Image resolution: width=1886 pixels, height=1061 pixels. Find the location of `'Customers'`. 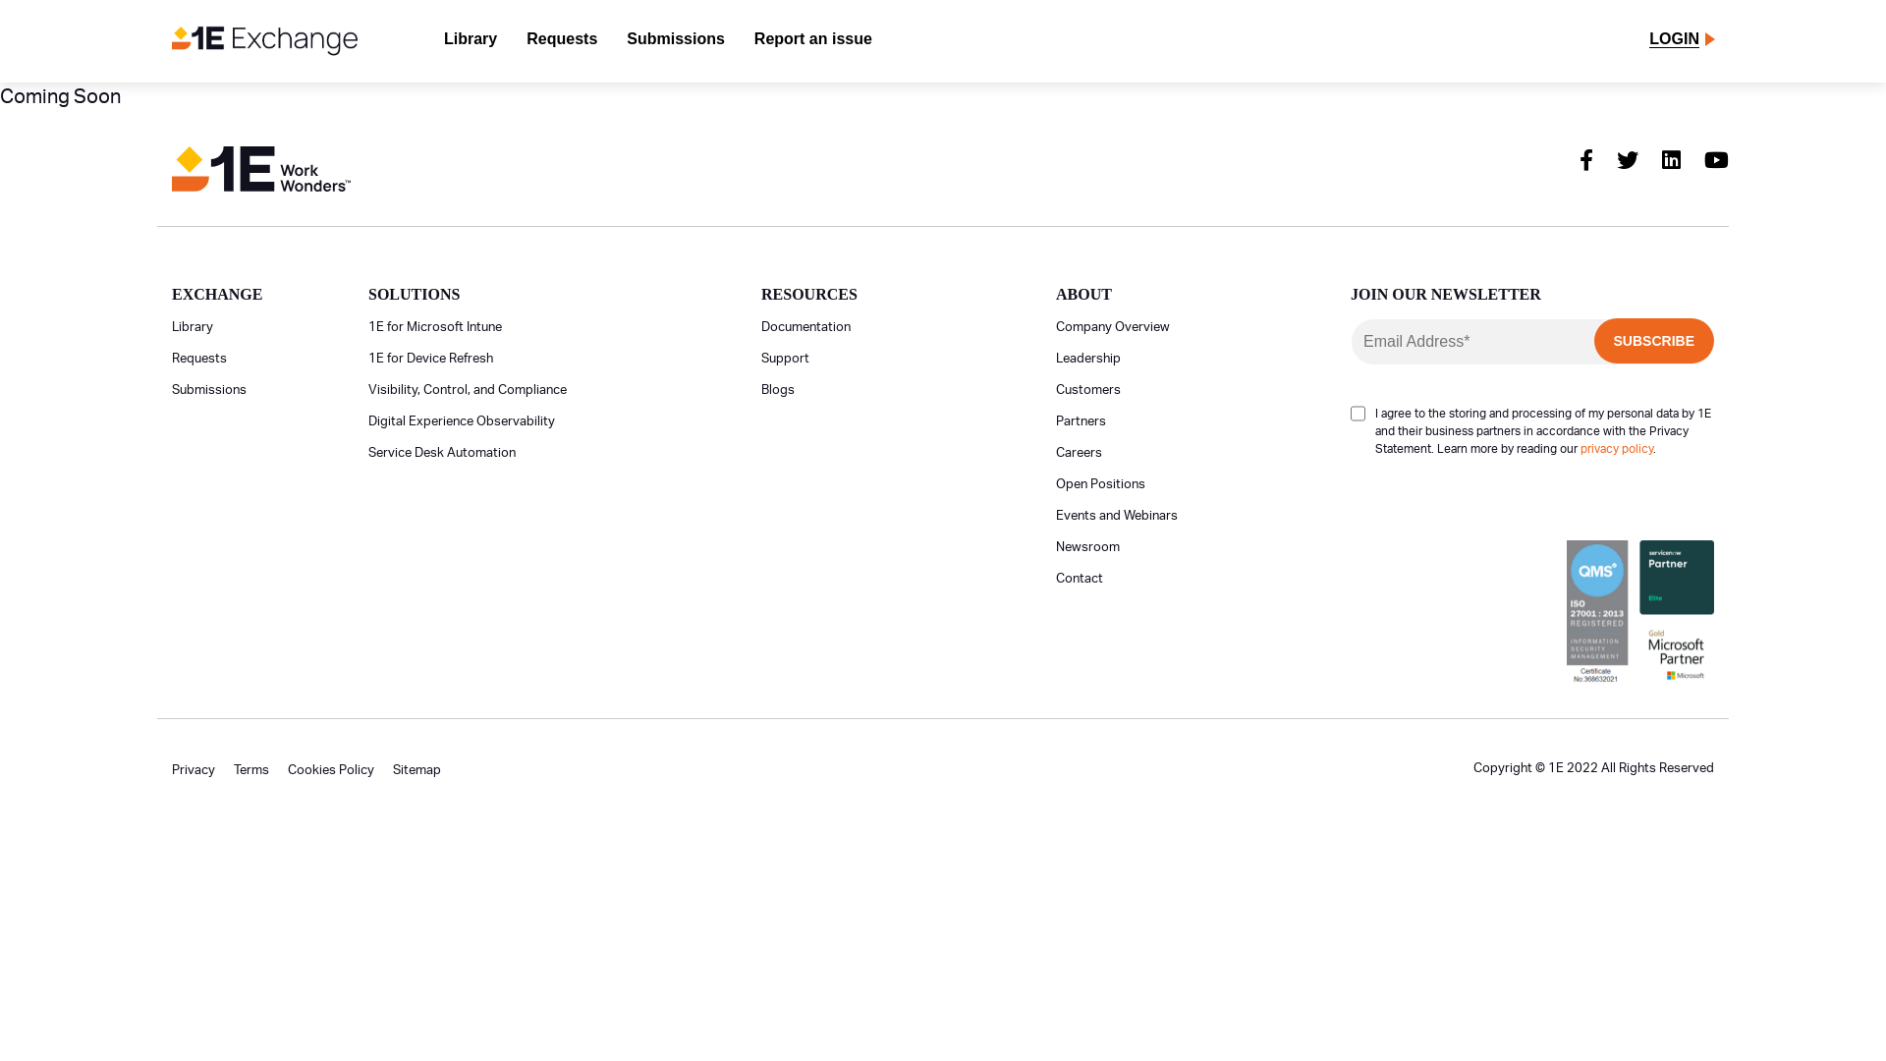

'Customers' is located at coordinates (1087, 390).